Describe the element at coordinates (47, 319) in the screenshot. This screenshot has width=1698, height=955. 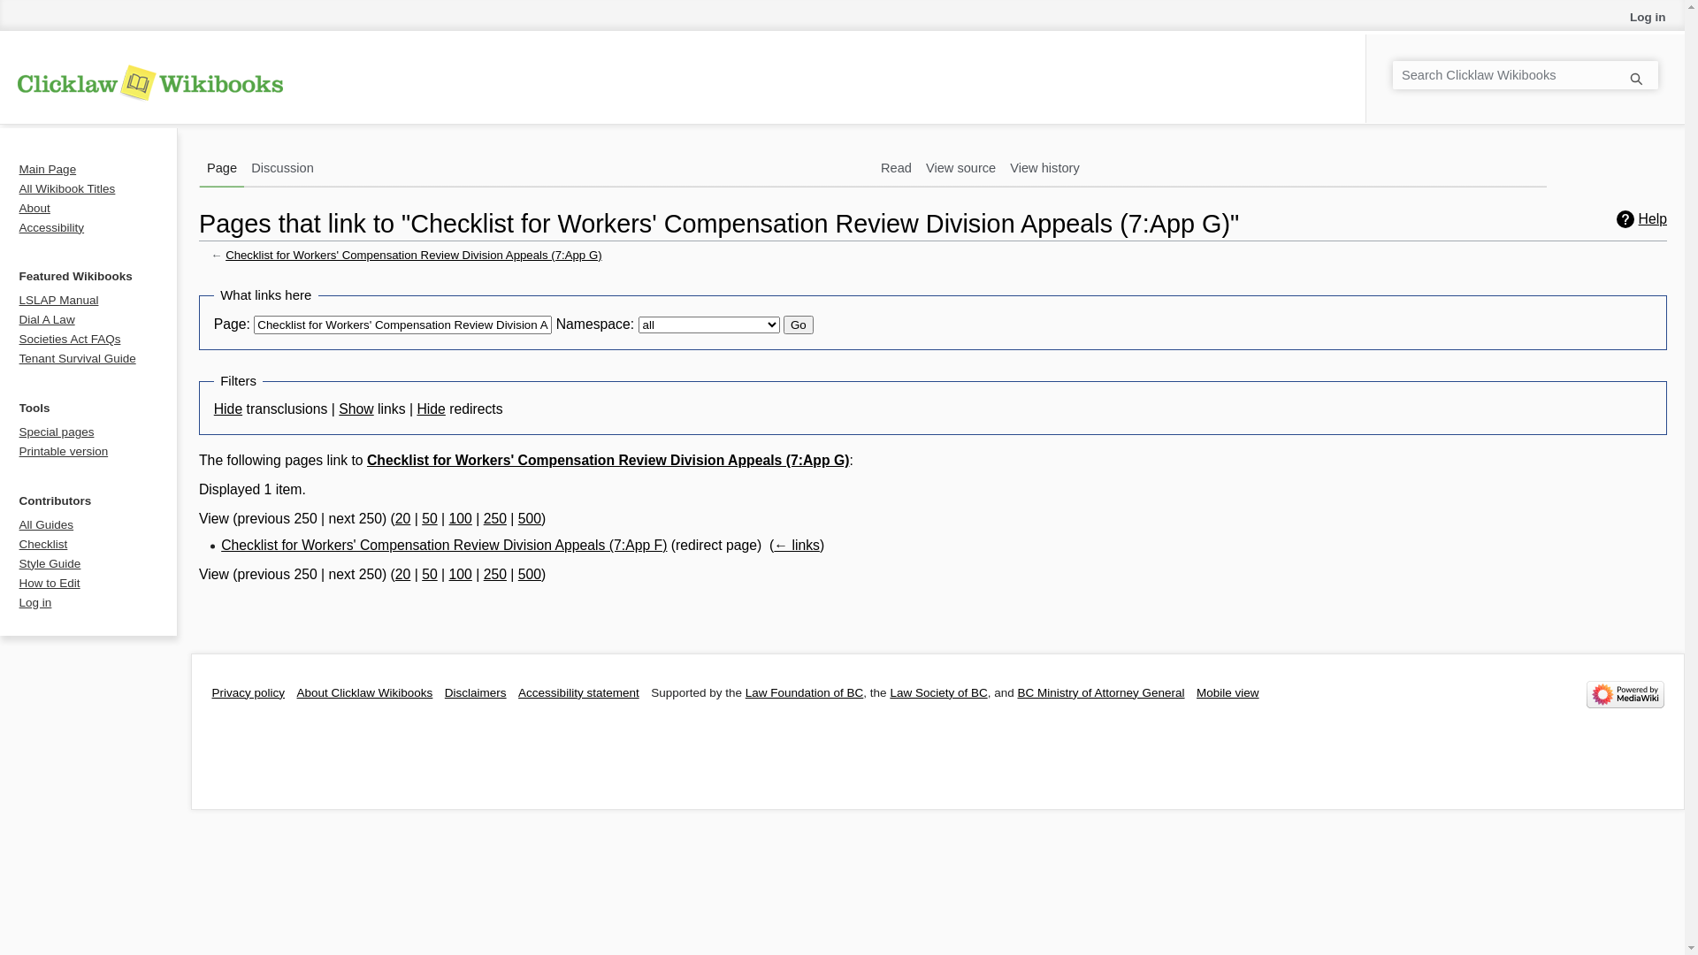
I see `'Dial A Law'` at that location.